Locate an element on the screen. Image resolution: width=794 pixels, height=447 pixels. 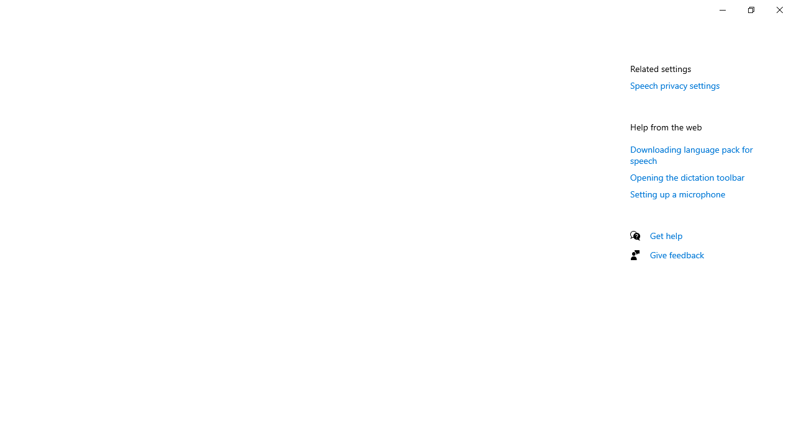
'Get help' is located at coordinates (666, 235).